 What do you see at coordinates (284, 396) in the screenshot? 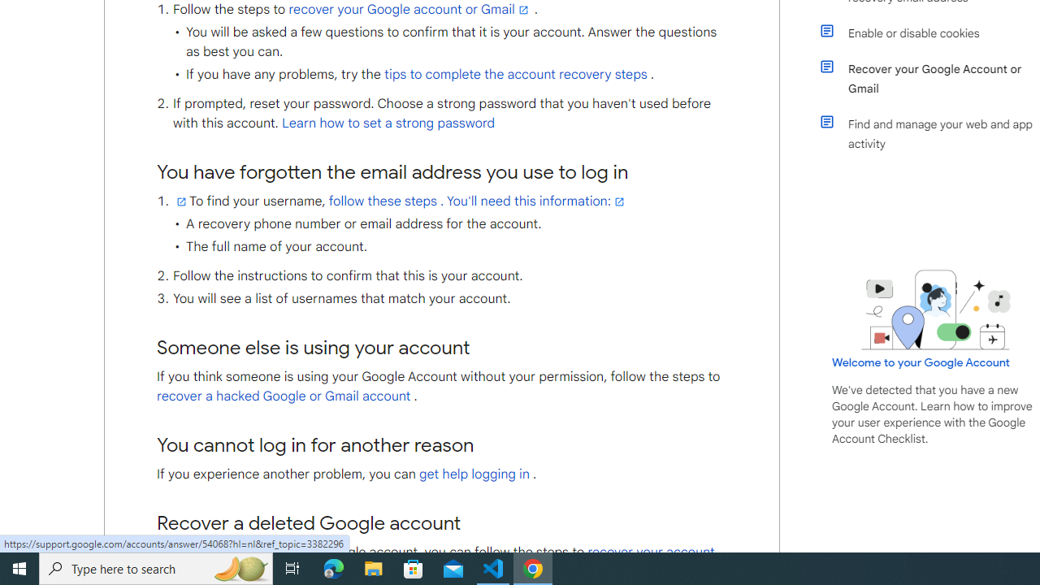
I see `'recover a hacked Google or Gmail account'` at bounding box center [284, 396].